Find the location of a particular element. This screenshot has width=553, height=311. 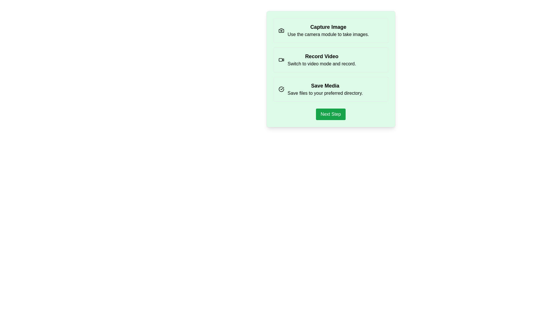

the static text label that reads 'Switch to video mode and record.' which is positioned below the 'Record Video' heading in the green panel is located at coordinates (321, 64).